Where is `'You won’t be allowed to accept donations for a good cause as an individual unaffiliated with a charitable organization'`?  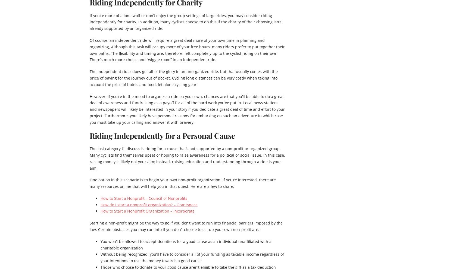
'You won’t be allowed to accept donations for a good cause as an individual unaffiliated with a charitable organization' is located at coordinates (186, 244).